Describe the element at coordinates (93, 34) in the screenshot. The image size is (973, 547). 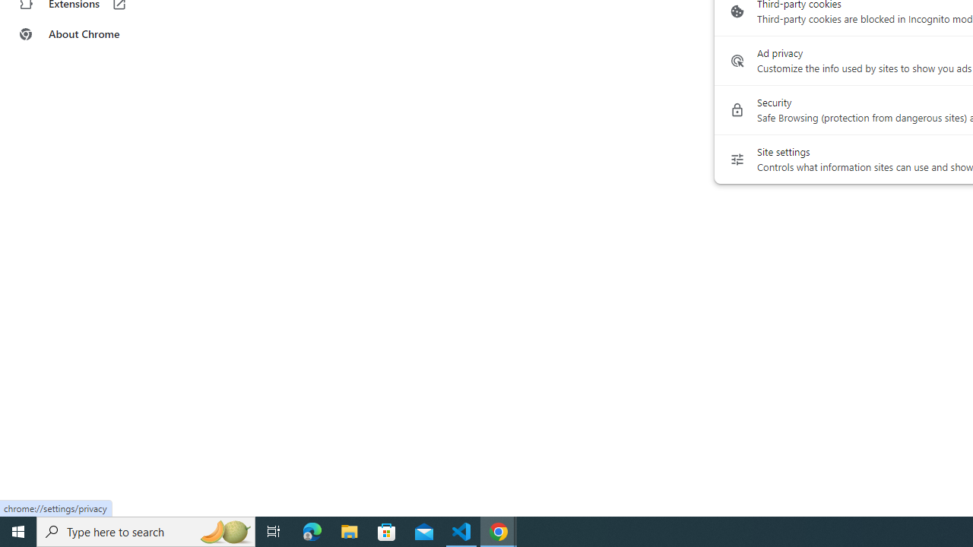
I see `'About Chrome'` at that location.